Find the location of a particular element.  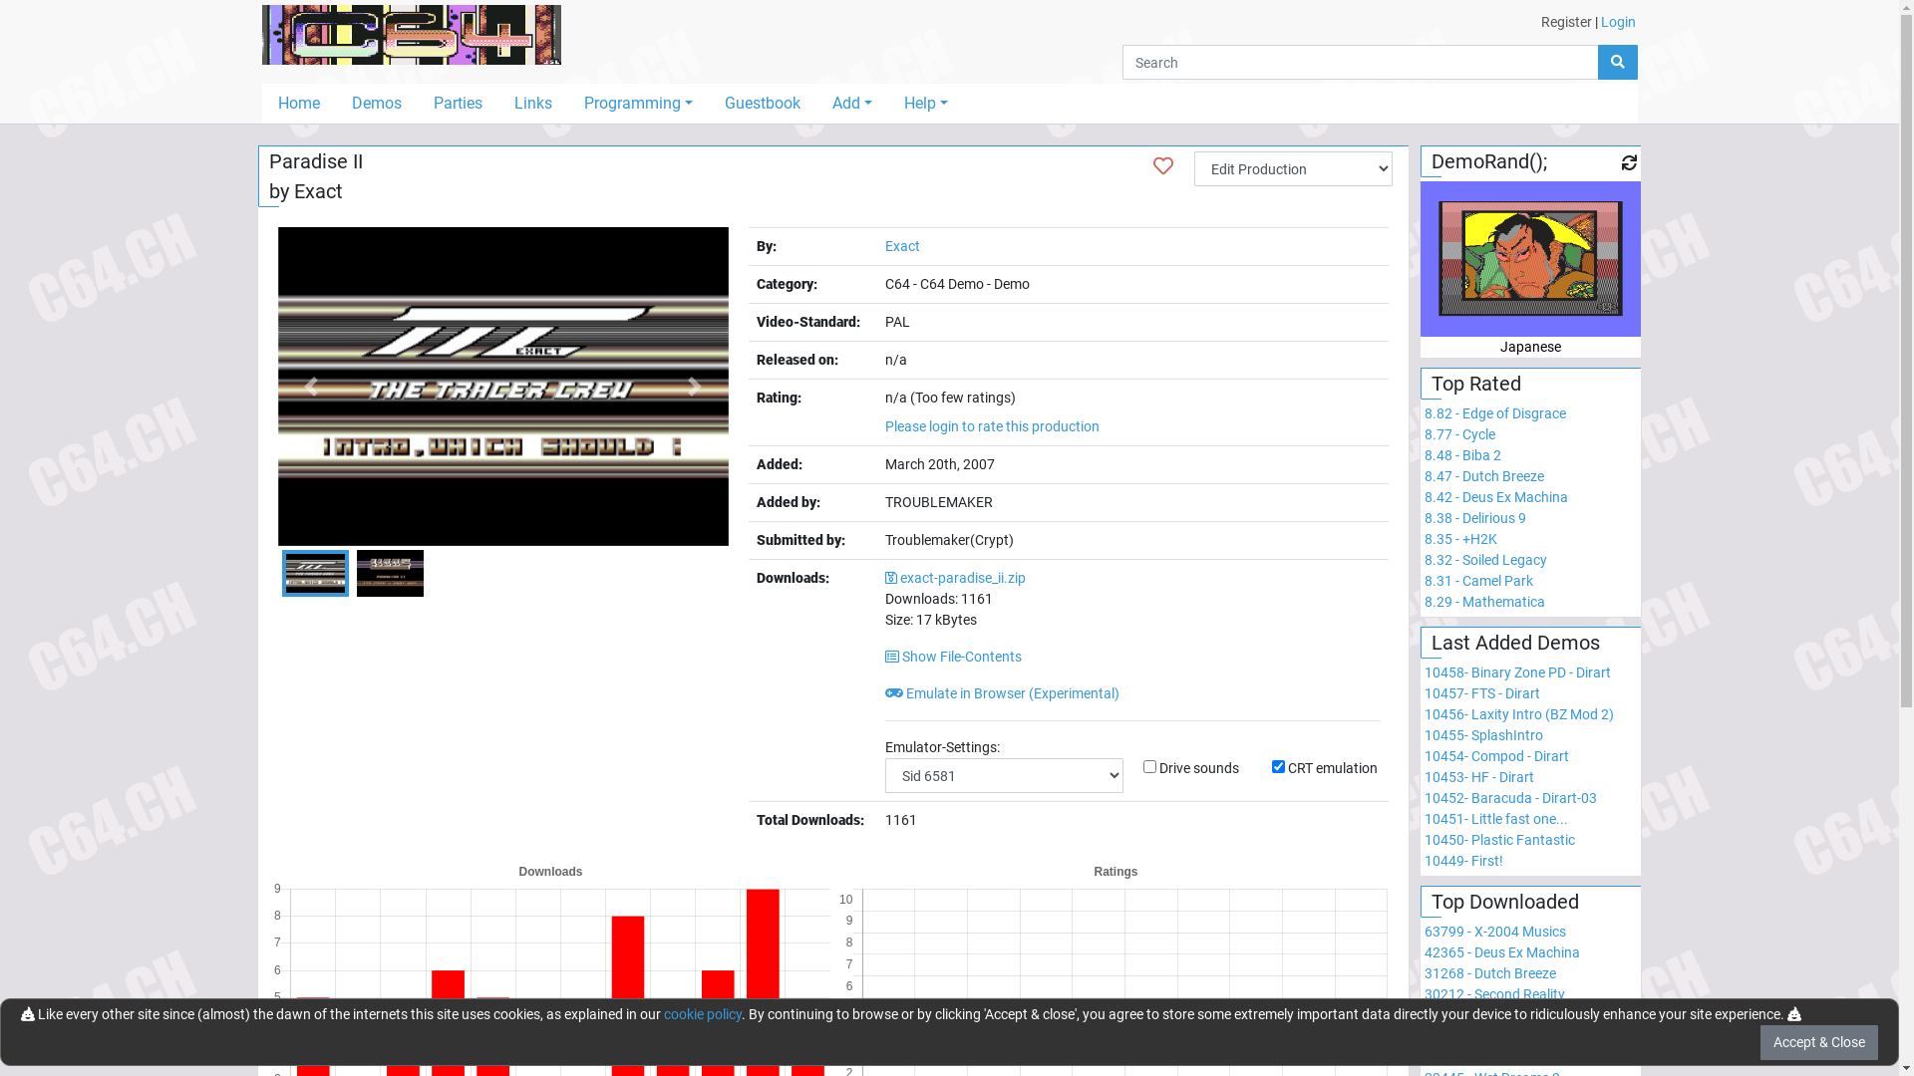

'Emulate in Browser (Experimental)' is located at coordinates (1002, 691).